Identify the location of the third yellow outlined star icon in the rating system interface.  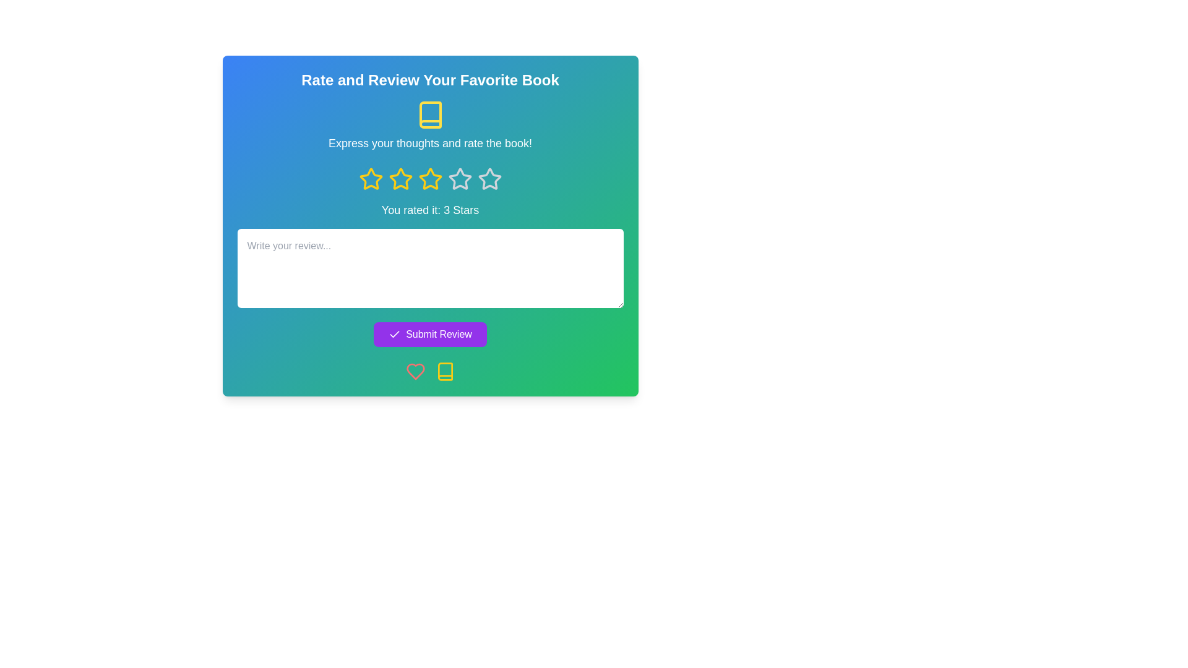
(400, 179).